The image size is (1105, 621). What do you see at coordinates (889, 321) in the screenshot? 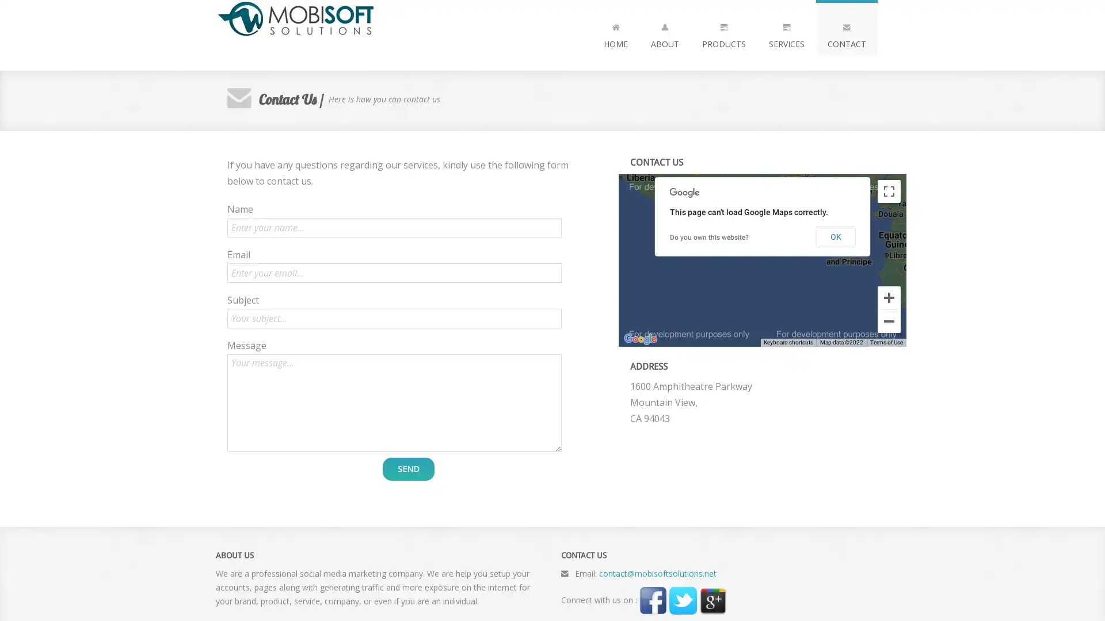
I see `Zoom out` at bounding box center [889, 321].